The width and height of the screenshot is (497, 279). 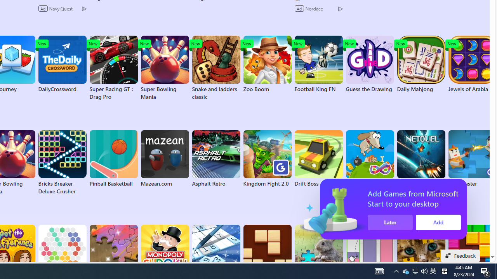 I want to click on 'Super Bowling Mania', so click(x=164, y=68).